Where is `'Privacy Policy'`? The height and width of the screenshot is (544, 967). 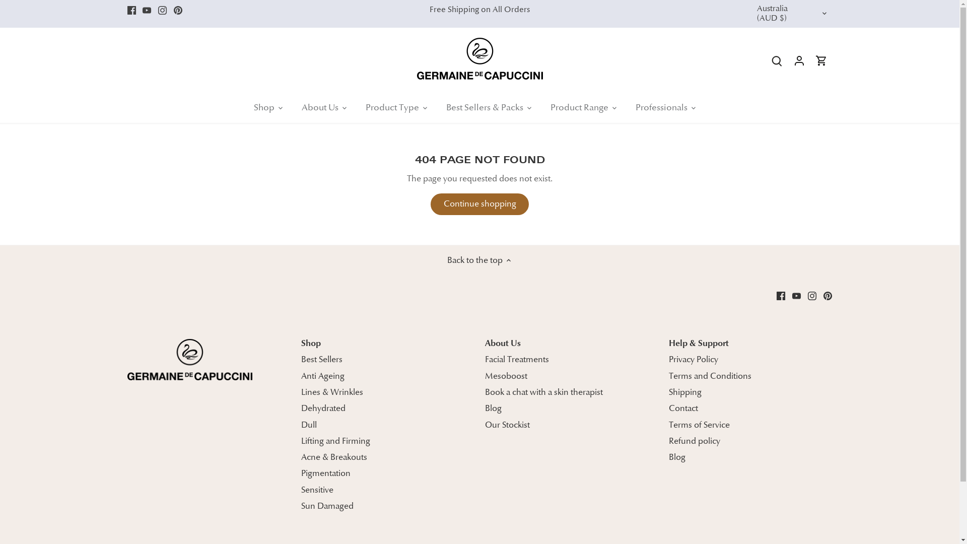 'Privacy Policy' is located at coordinates (693, 359).